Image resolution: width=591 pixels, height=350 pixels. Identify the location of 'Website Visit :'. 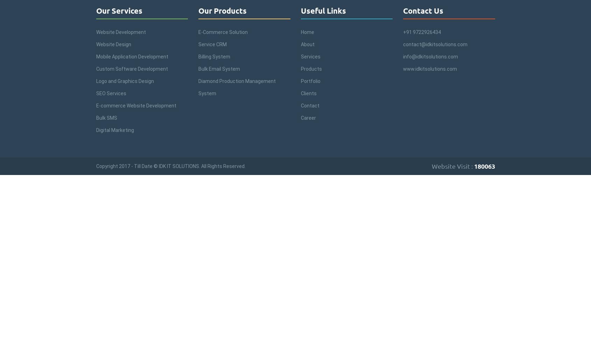
(452, 166).